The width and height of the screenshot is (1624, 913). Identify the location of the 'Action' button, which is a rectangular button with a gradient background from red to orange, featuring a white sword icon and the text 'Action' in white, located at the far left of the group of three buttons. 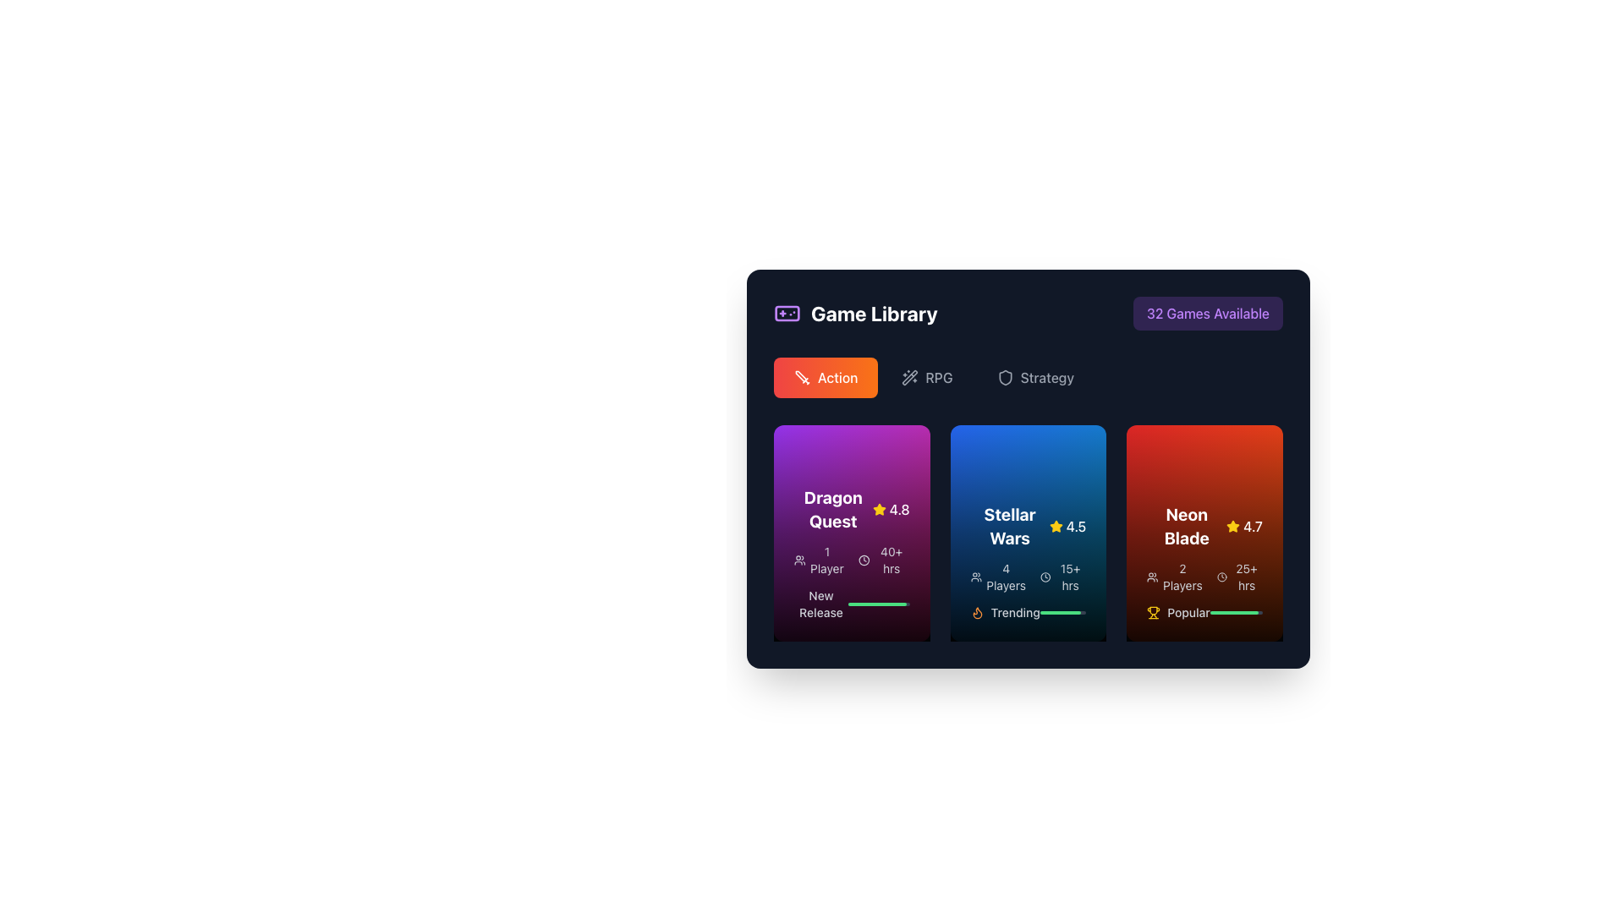
(826, 377).